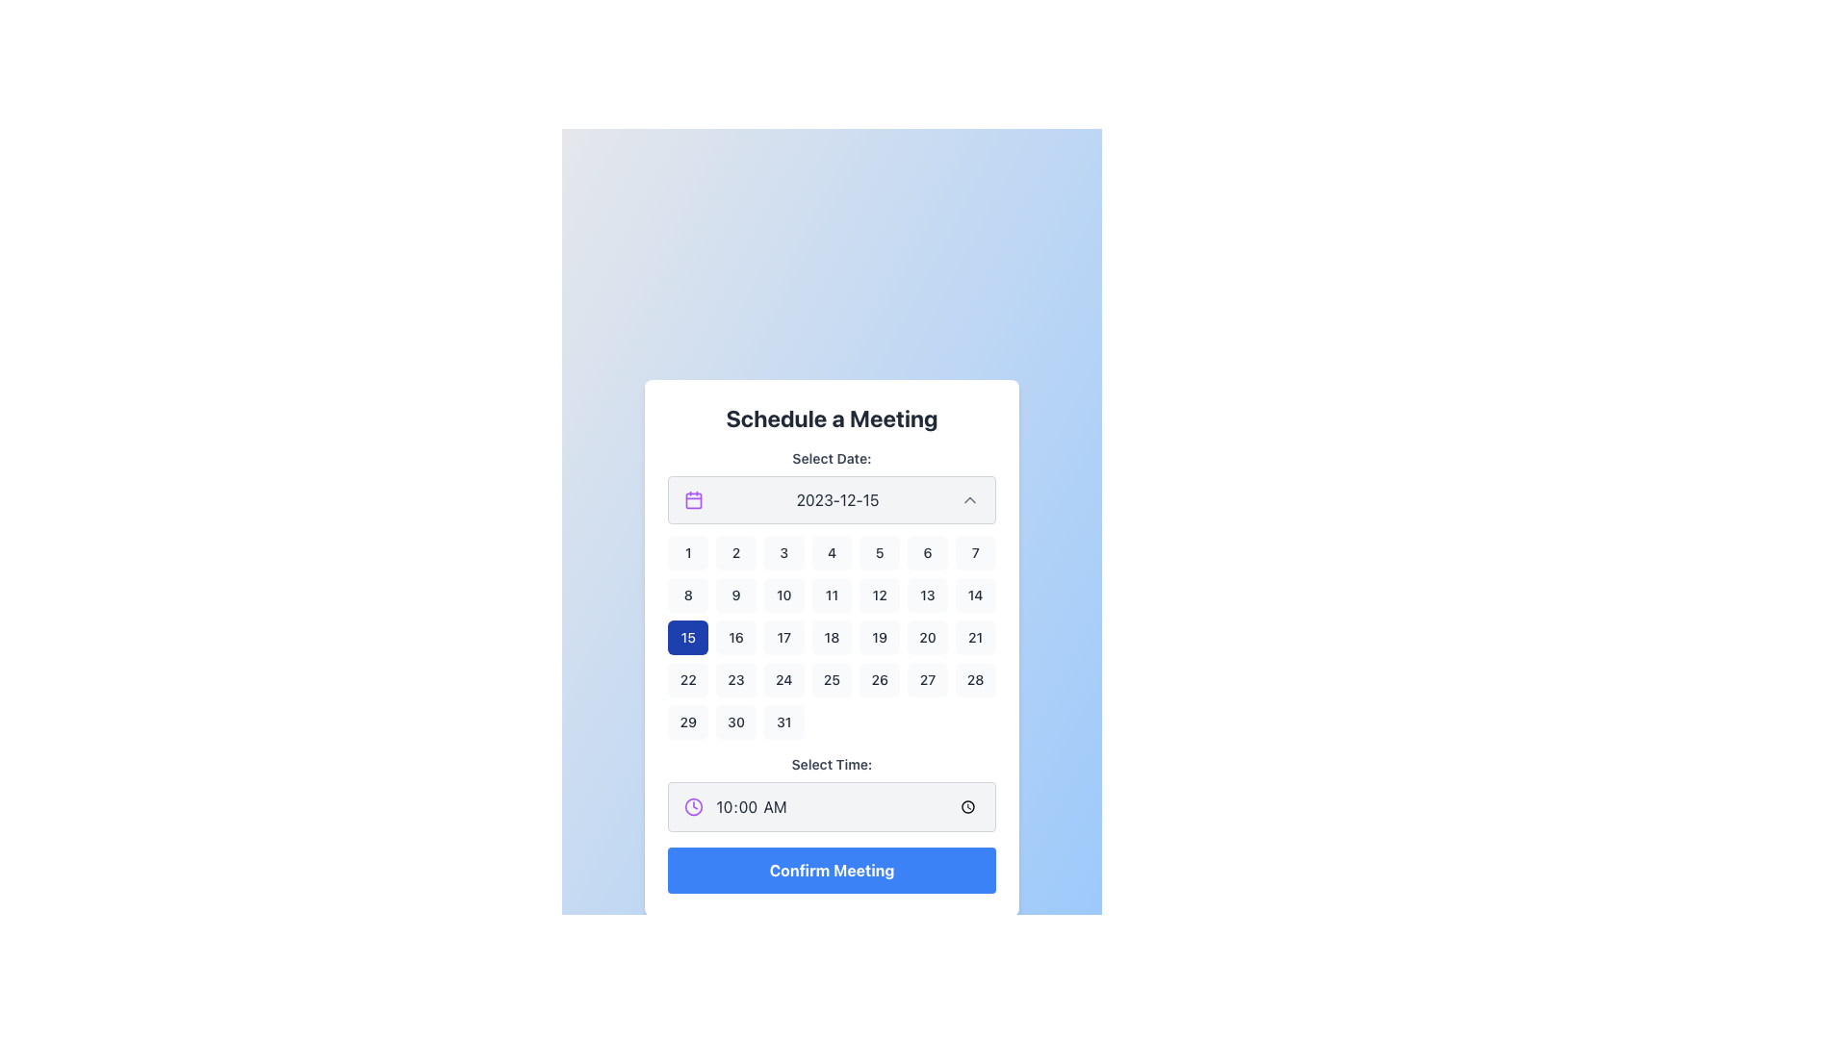 This screenshot has width=1848, height=1039. What do you see at coordinates (975, 638) in the screenshot?
I see `the small square button with rounded corners displaying the number '21'` at bounding box center [975, 638].